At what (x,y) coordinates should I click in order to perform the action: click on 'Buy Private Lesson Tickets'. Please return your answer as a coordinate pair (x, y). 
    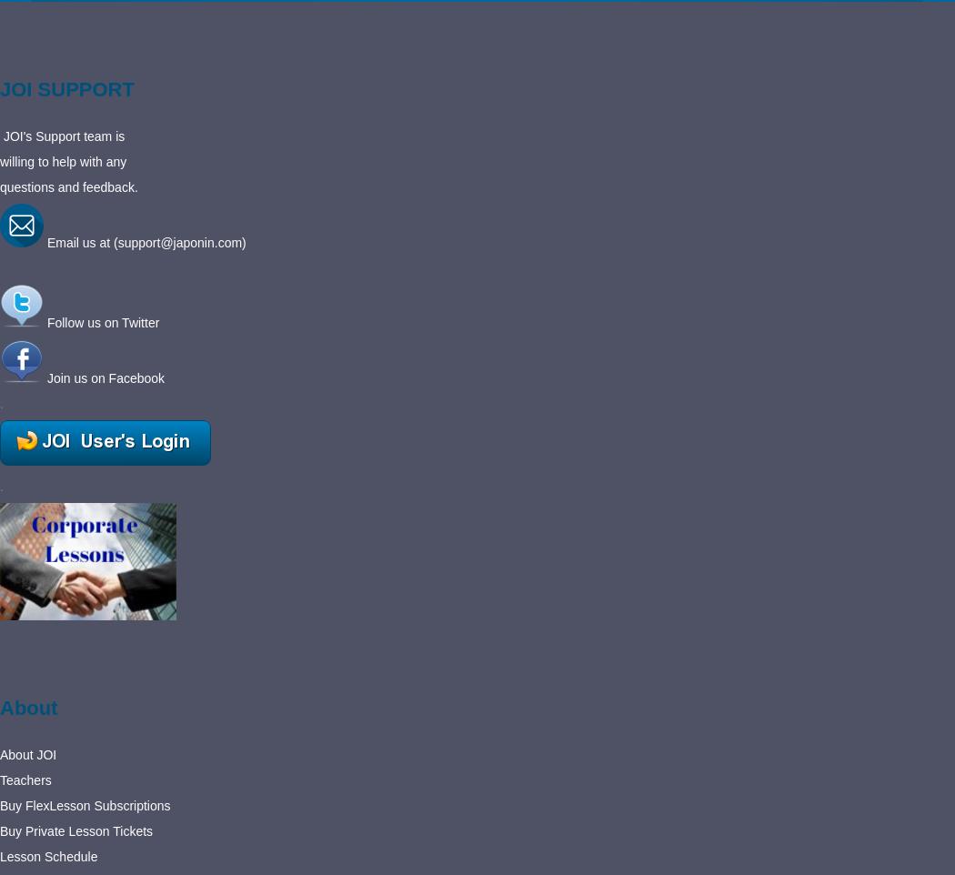
    Looking at the image, I should click on (76, 830).